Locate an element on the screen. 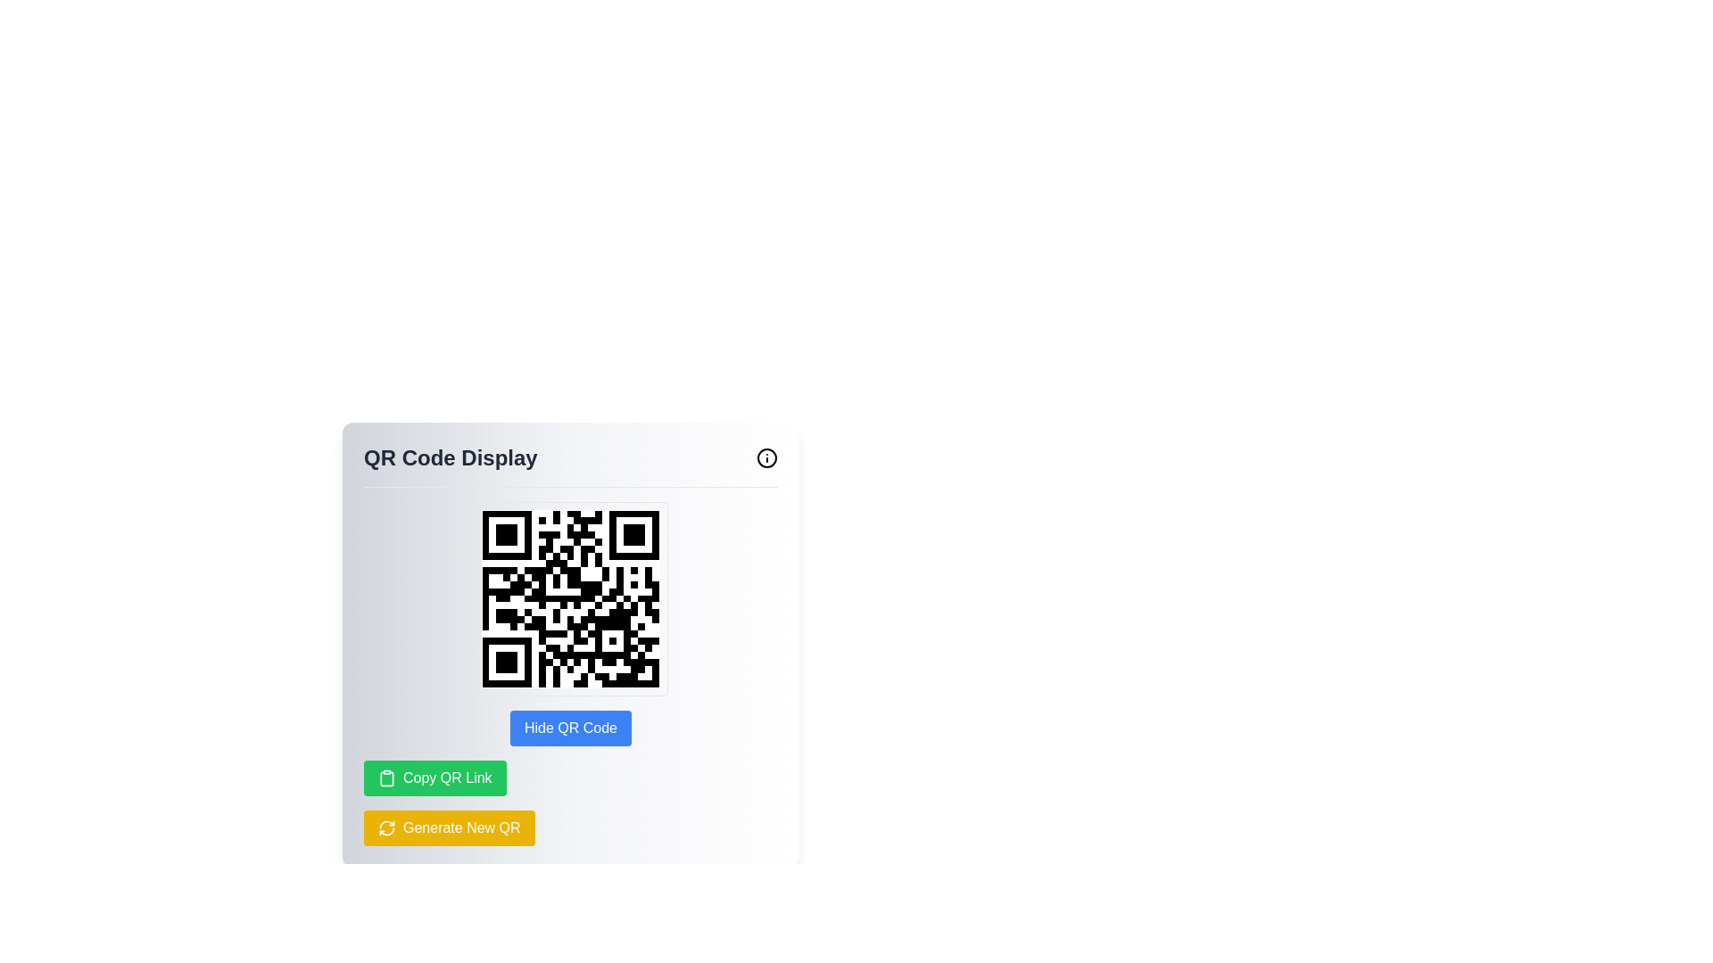 Image resolution: width=1713 pixels, height=963 pixels. the clipboard icon, which is part of the 'Copy QR Link' button, located centrally within the button's rectangle and to the left of the text is located at coordinates (385, 777).